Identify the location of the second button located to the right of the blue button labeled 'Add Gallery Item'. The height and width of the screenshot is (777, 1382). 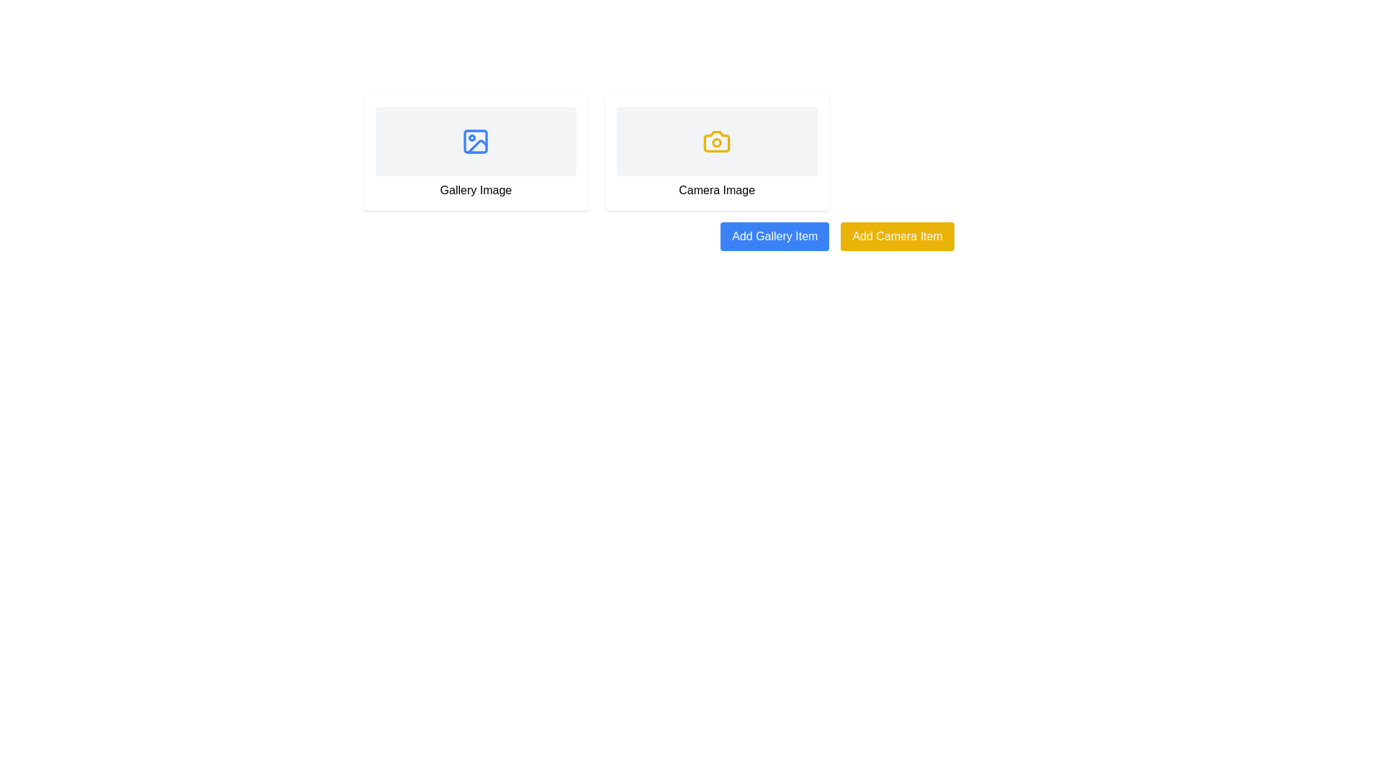
(897, 235).